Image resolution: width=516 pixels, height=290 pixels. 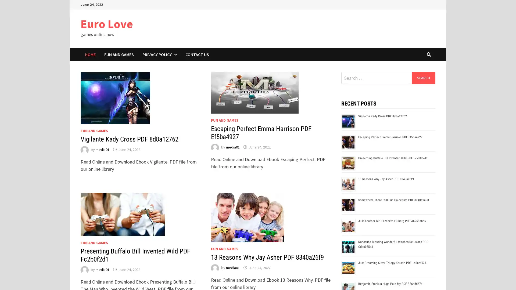 I want to click on Search, so click(x=423, y=78).